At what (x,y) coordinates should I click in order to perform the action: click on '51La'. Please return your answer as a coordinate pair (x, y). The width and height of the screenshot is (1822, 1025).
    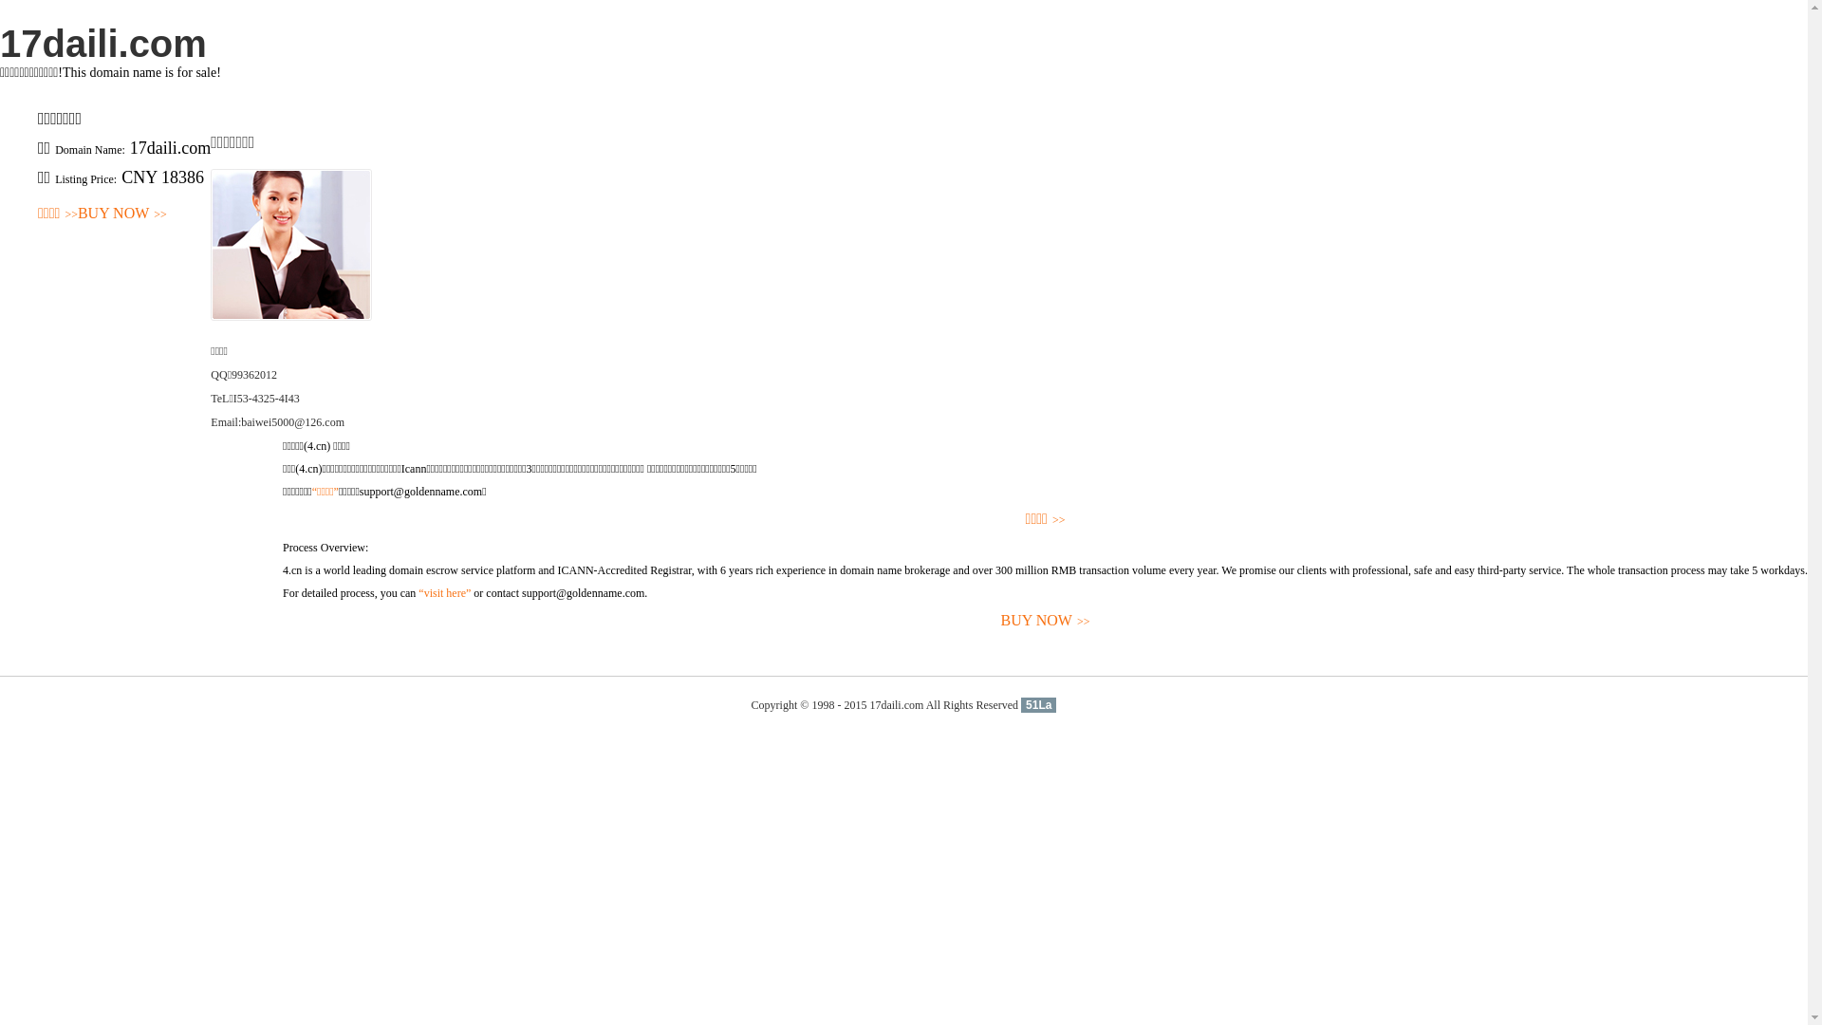
    Looking at the image, I should click on (1037, 705).